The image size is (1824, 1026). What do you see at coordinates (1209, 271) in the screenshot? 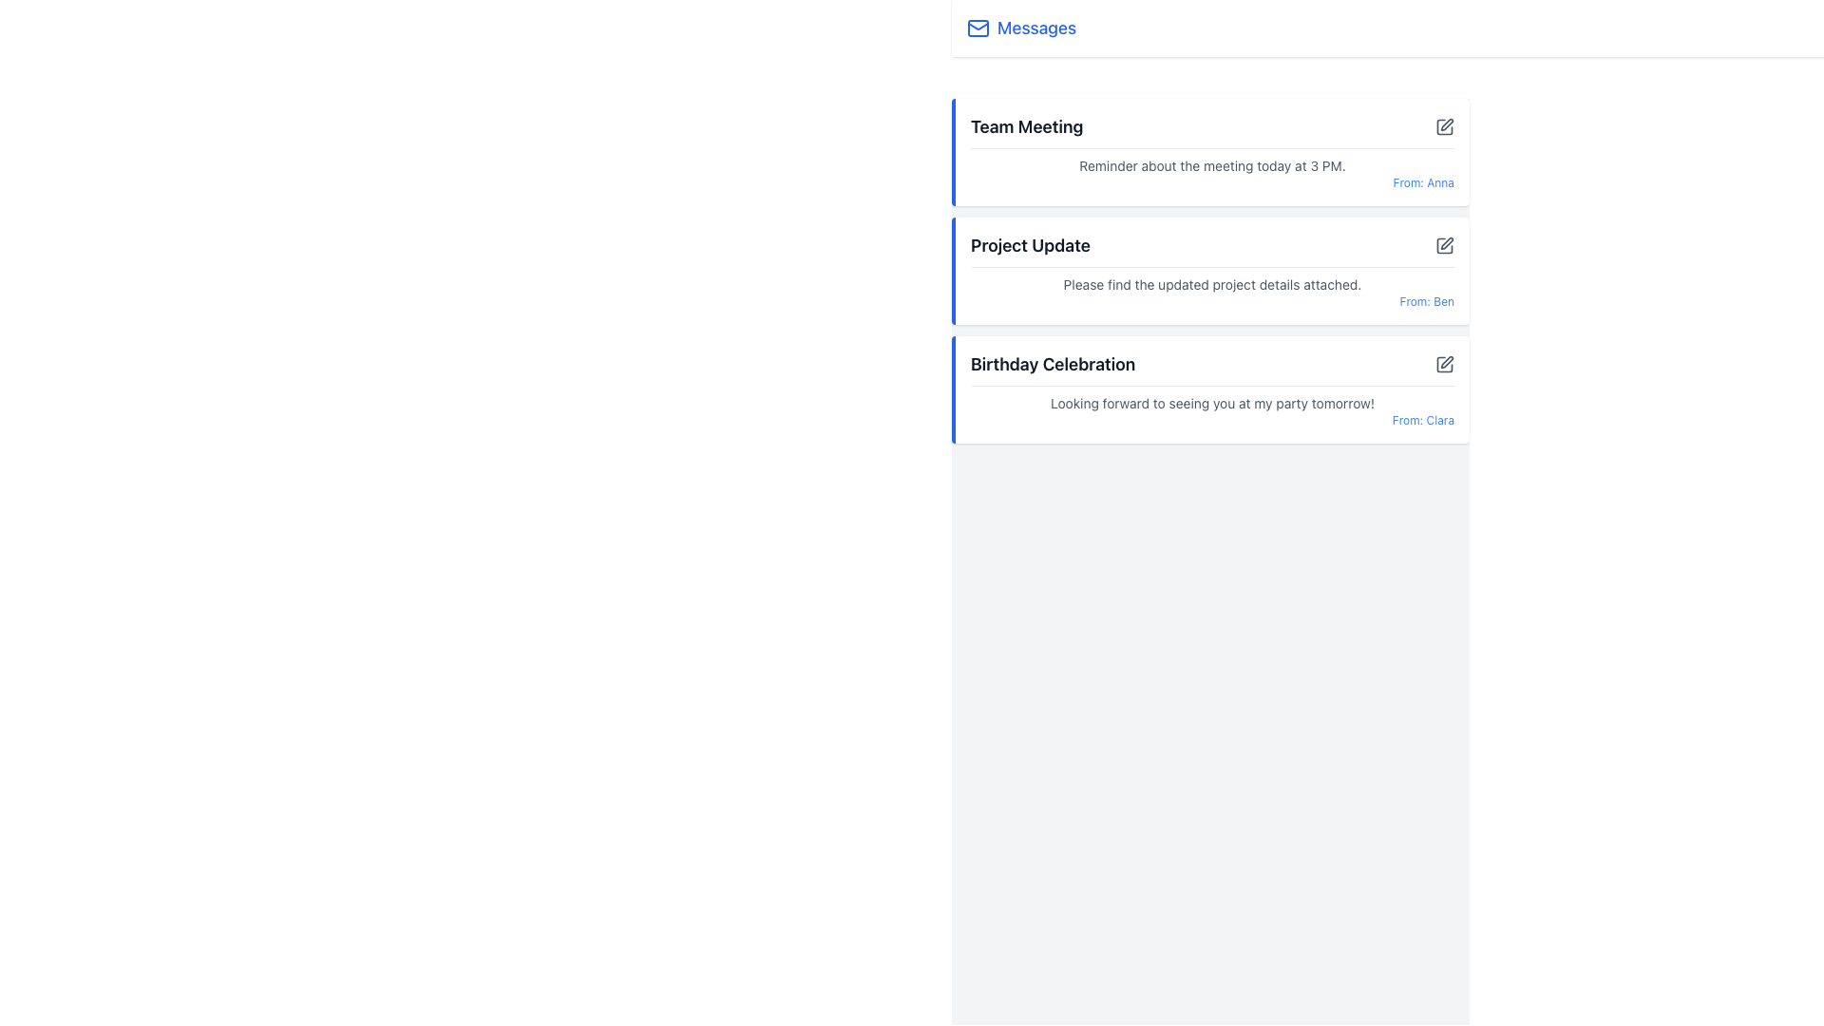
I see `the informational box titled 'Project Update', which has a white background, blue left border, and contains details about the project update` at bounding box center [1209, 271].